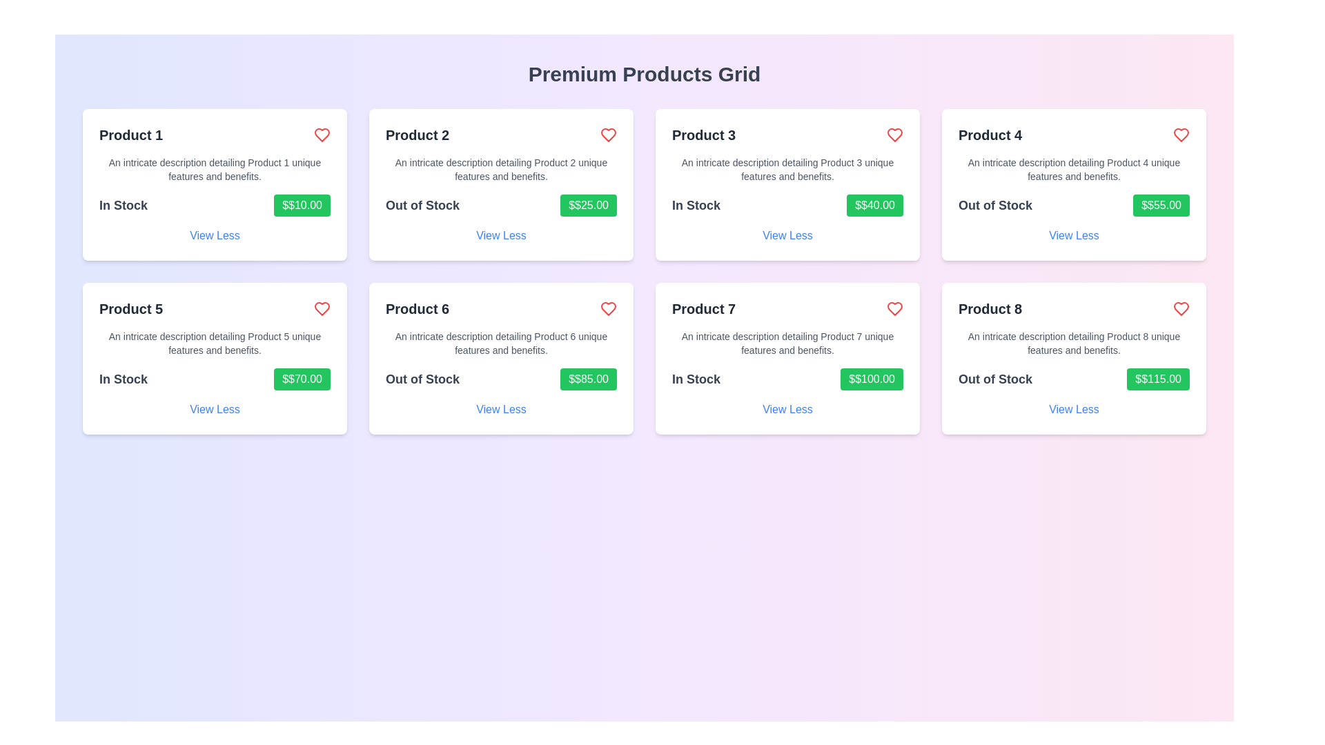 The image size is (1325, 745). I want to click on text block describing the features and benefits of 'Product 8', which is styled in a small-sized gray font and contains the content: 'An intricate description detailing Product 8 unique features and benefits.', so click(1073, 342).